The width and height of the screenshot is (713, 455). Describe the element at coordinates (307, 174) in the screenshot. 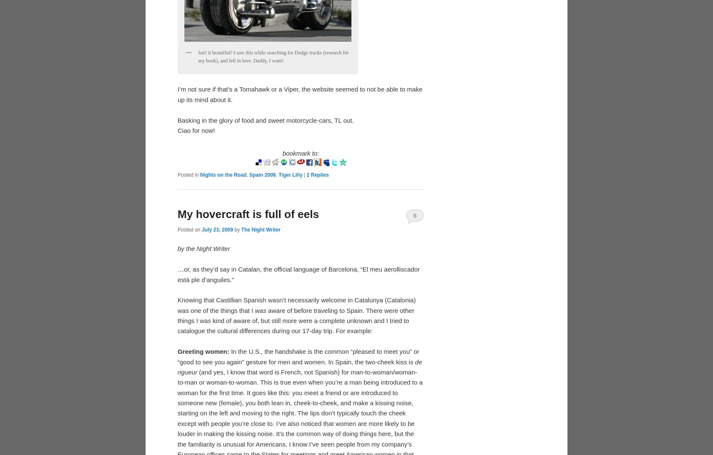

I see `'2'` at that location.